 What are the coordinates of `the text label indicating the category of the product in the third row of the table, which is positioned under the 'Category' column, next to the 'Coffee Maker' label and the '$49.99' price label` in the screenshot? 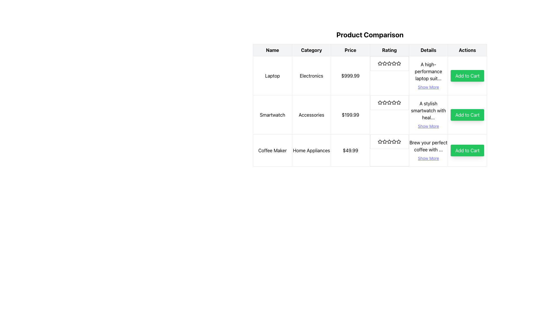 It's located at (311, 150).